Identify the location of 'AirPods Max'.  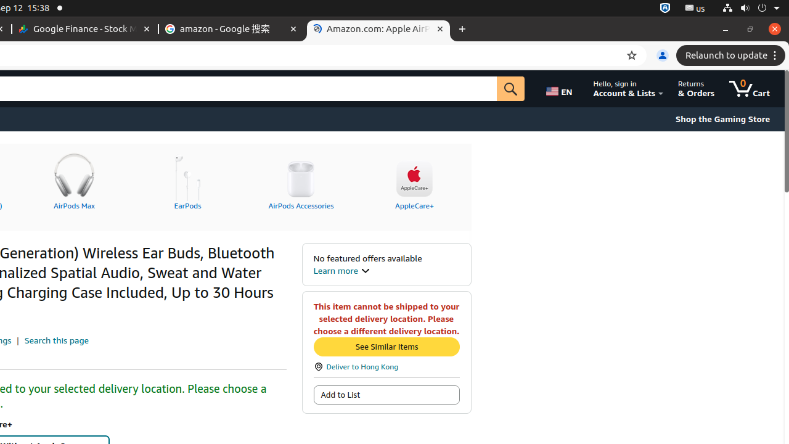
(73, 179).